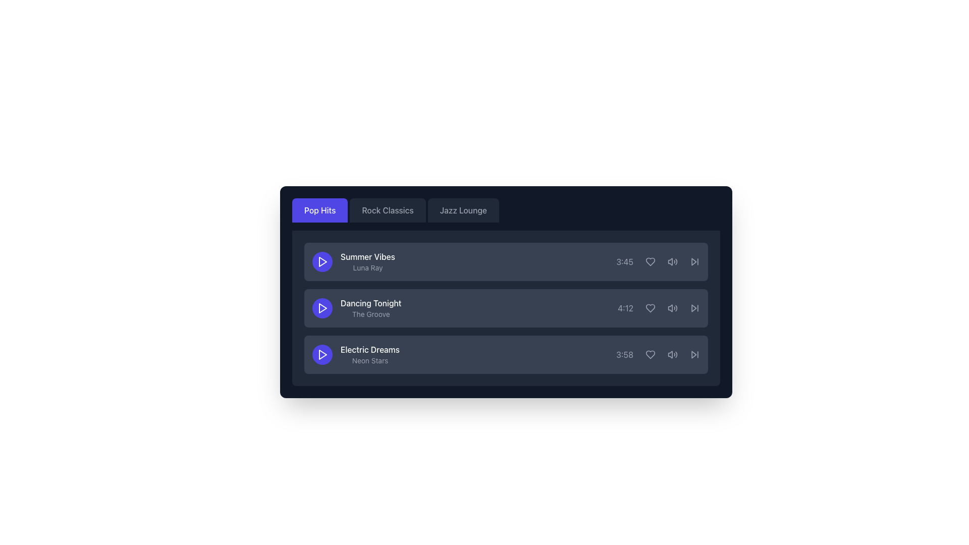 This screenshot has height=545, width=969. What do you see at coordinates (321, 354) in the screenshot?
I see `the play button for the 'Electric Dreams' song` at bounding box center [321, 354].